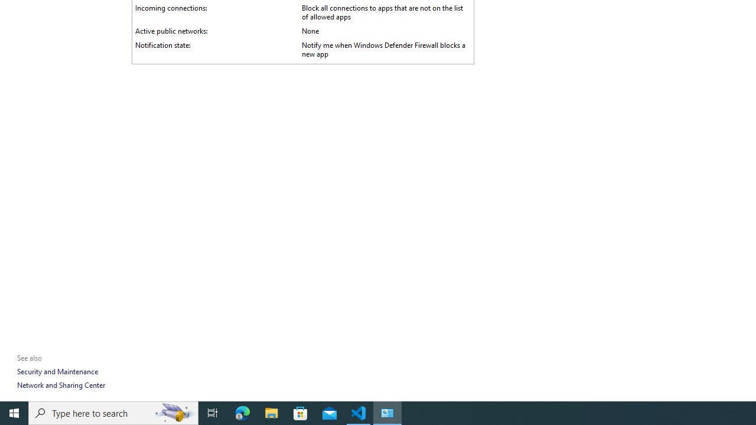 The width and height of the screenshot is (756, 425). What do you see at coordinates (57, 371) in the screenshot?
I see `'Security and Maintenance'` at bounding box center [57, 371].